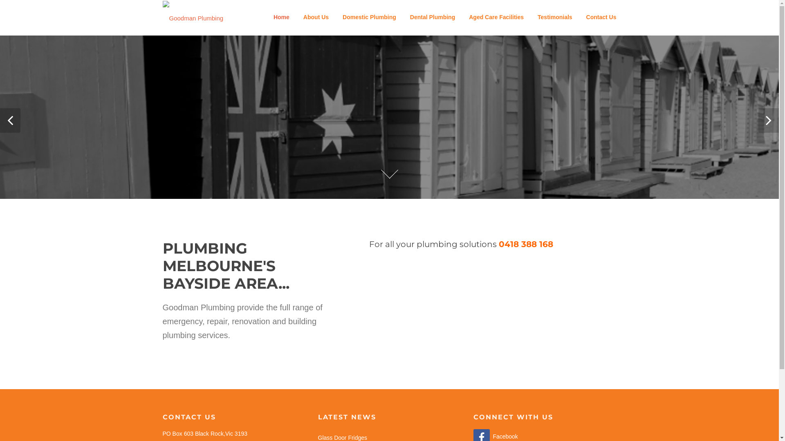 This screenshot has height=441, width=785. I want to click on 'Contact Us', so click(598, 17).